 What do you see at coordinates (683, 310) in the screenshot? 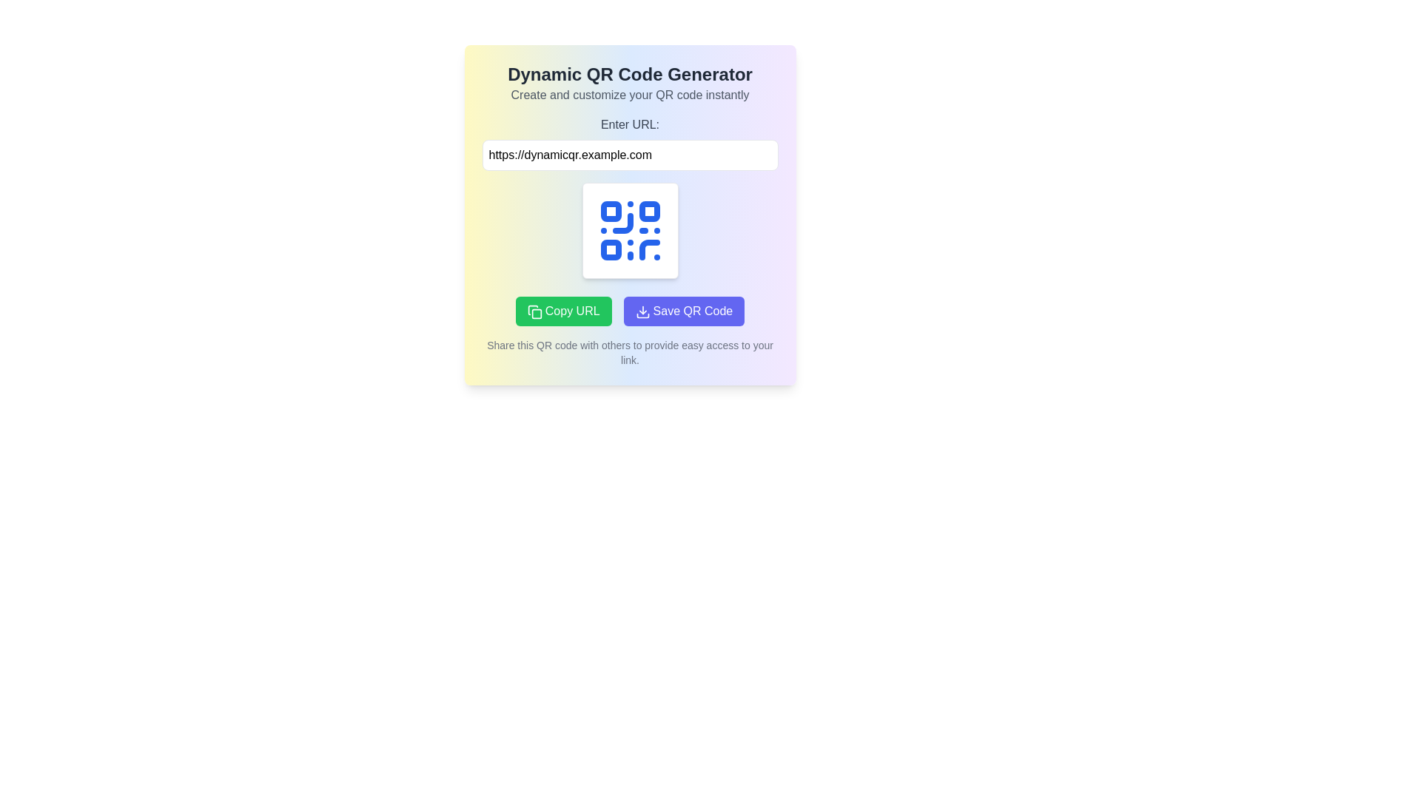
I see `the save button located below the QR code display area, which is the second button in the row of action buttons, to visualize hover effects` at bounding box center [683, 310].